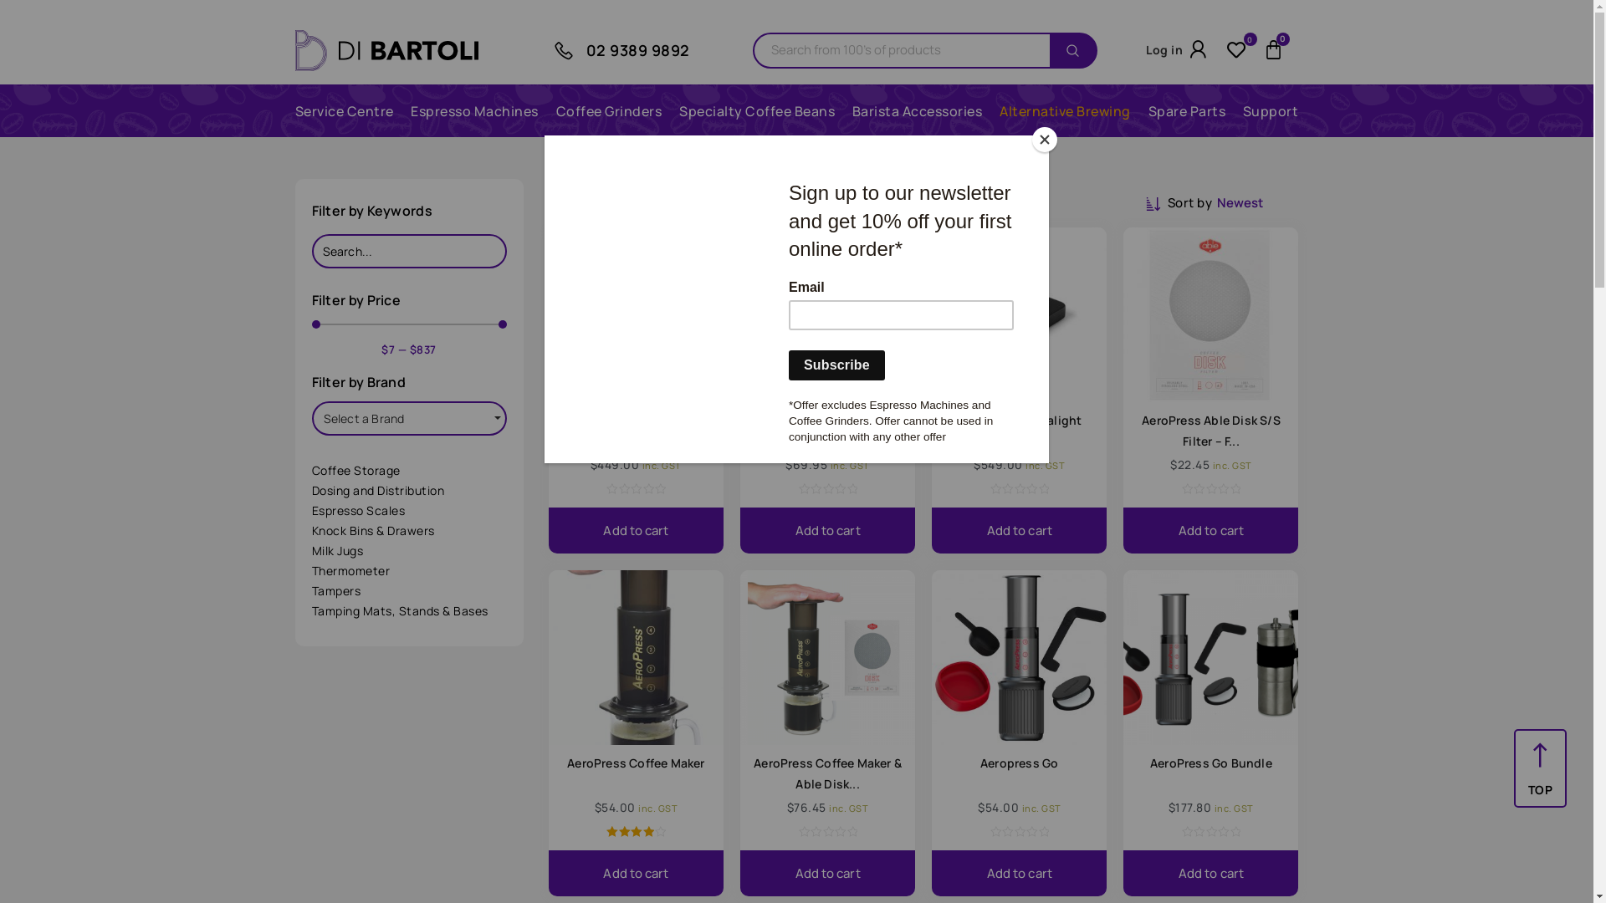 Image resolution: width=1606 pixels, height=903 pixels. Describe the element at coordinates (1271, 110) in the screenshot. I see `'Support'` at that location.